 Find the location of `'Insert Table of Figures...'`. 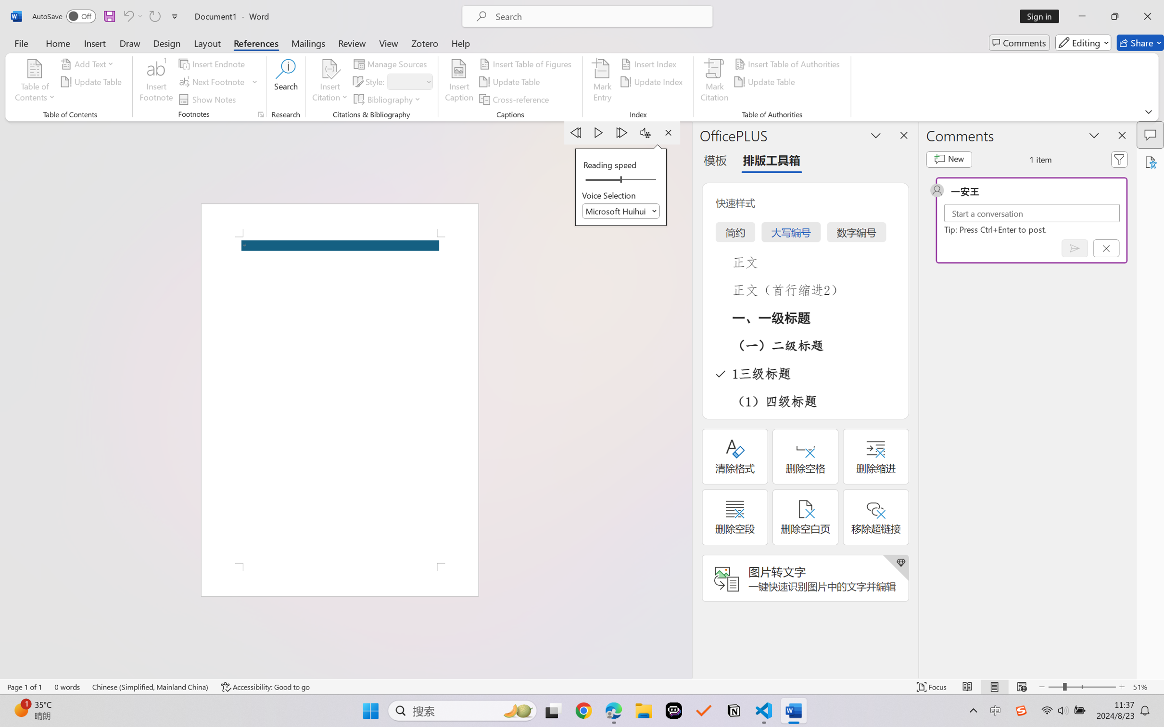

'Insert Table of Figures...' is located at coordinates (527, 63).